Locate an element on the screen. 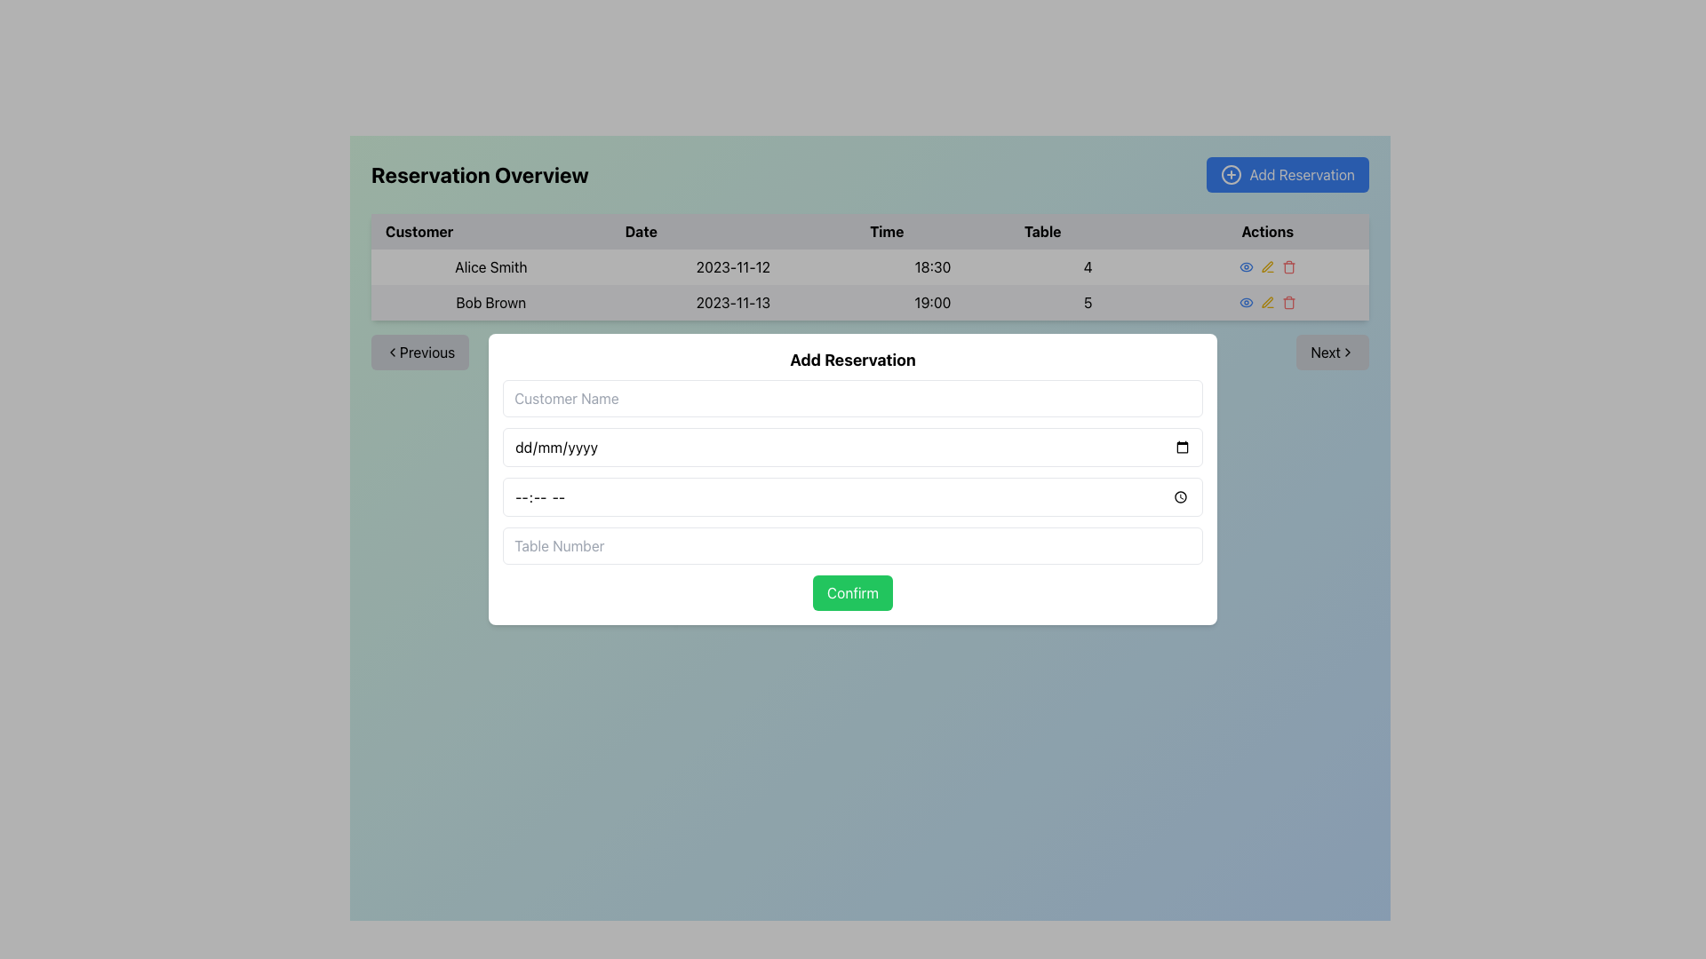  the edit icon button in the Actions column of the first row for the reservation entry 'Alice Smith' to change its color is located at coordinates (1266, 266).